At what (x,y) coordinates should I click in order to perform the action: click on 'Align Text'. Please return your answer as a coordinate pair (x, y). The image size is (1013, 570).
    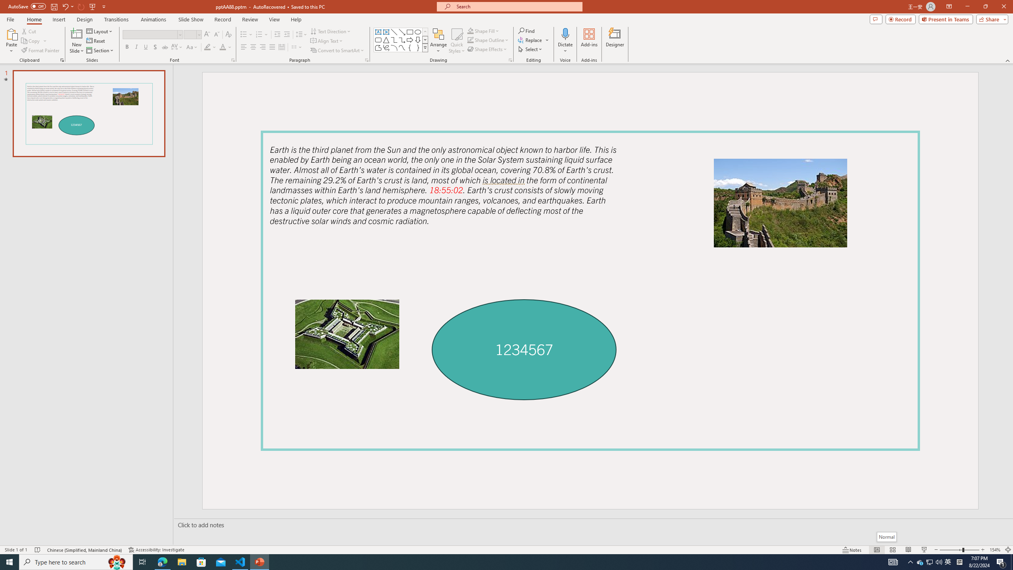
    Looking at the image, I should click on (327, 41).